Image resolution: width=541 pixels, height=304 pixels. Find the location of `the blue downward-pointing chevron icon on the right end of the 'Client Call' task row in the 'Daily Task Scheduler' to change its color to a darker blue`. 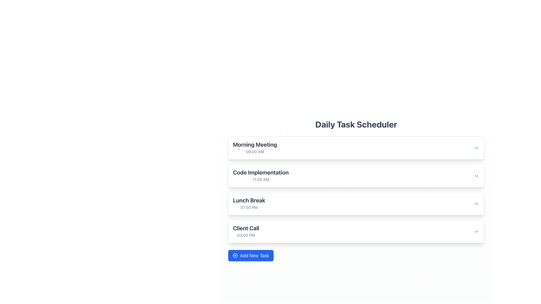

the blue downward-pointing chevron icon on the right end of the 'Client Call' task row in the 'Daily Task Scheduler' to change its color to a darker blue is located at coordinates (476, 231).